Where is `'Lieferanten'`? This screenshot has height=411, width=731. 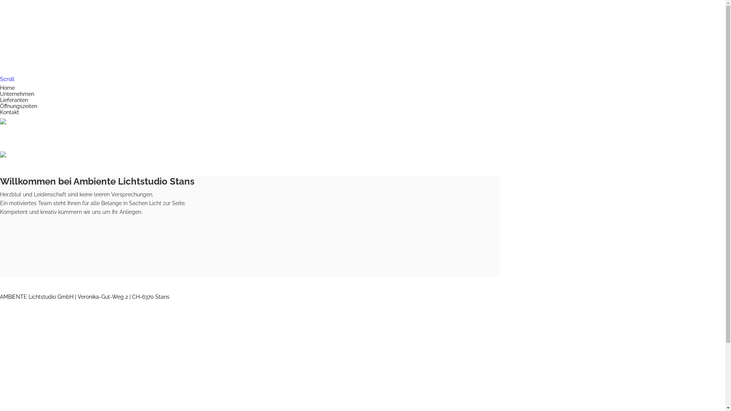 'Lieferanten' is located at coordinates (0, 99).